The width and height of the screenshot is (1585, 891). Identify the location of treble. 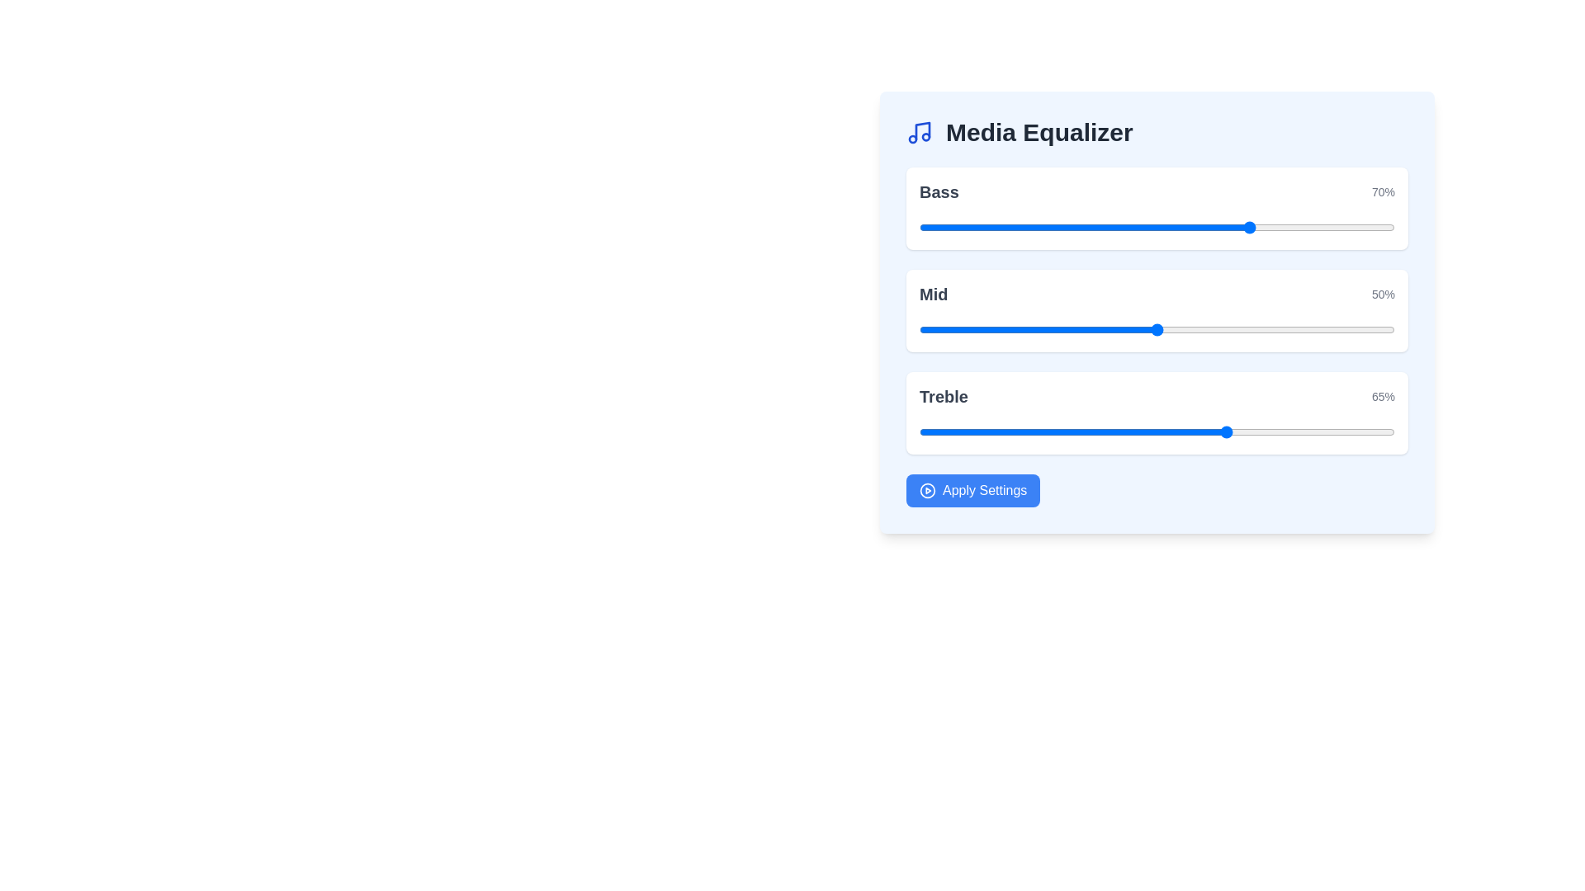
(1389, 431).